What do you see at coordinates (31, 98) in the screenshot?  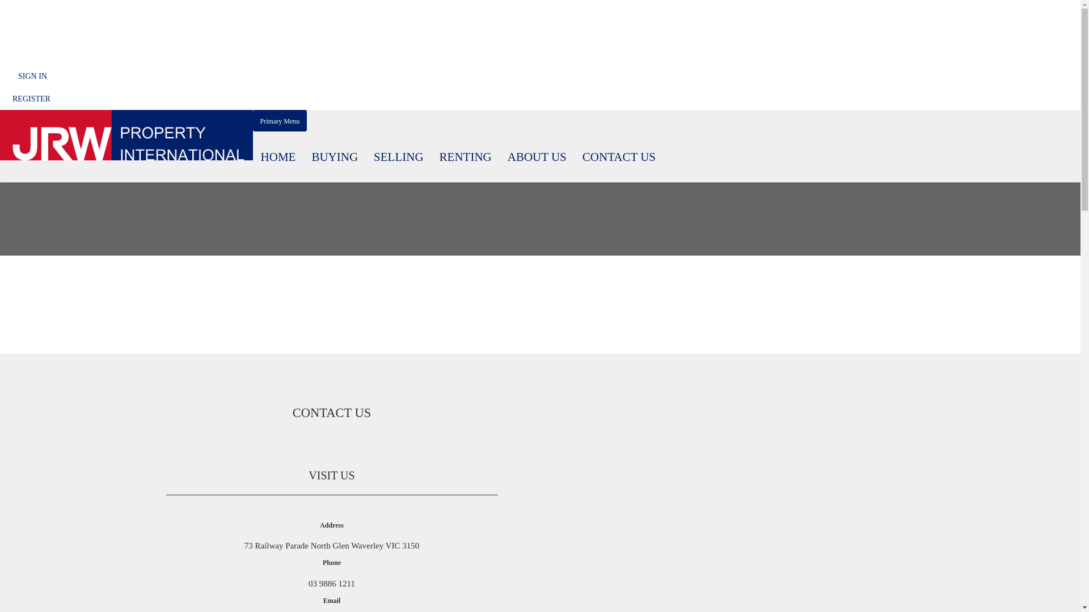 I see `'REGISTER'` at bounding box center [31, 98].